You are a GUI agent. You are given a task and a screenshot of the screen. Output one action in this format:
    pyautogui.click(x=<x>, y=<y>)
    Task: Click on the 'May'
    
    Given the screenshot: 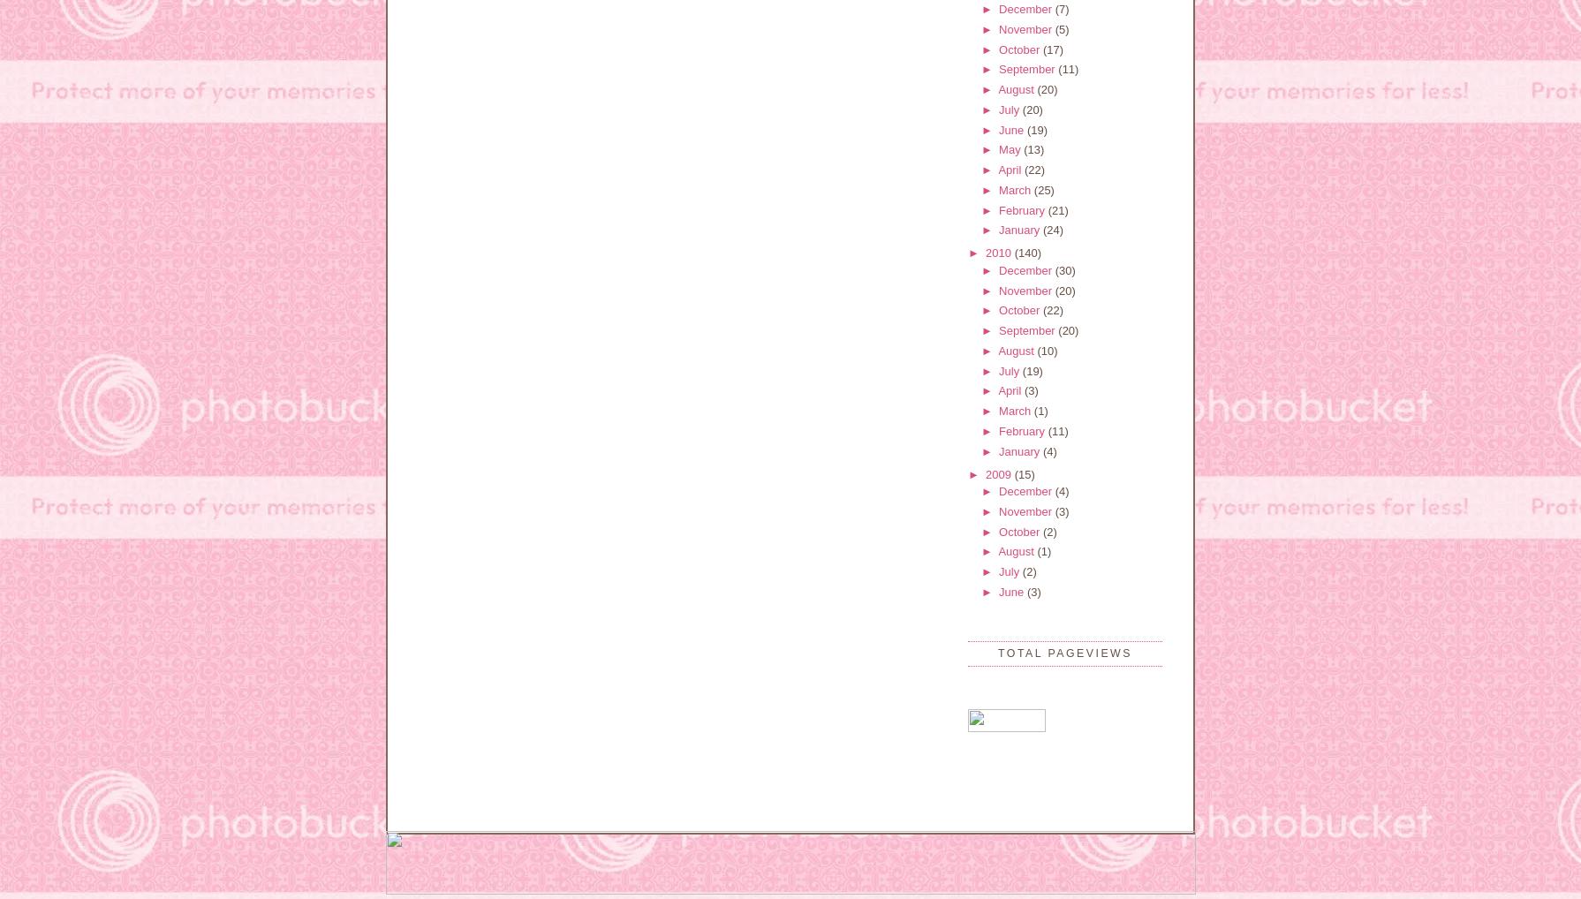 What is the action you would take?
    pyautogui.click(x=1011, y=149)
    